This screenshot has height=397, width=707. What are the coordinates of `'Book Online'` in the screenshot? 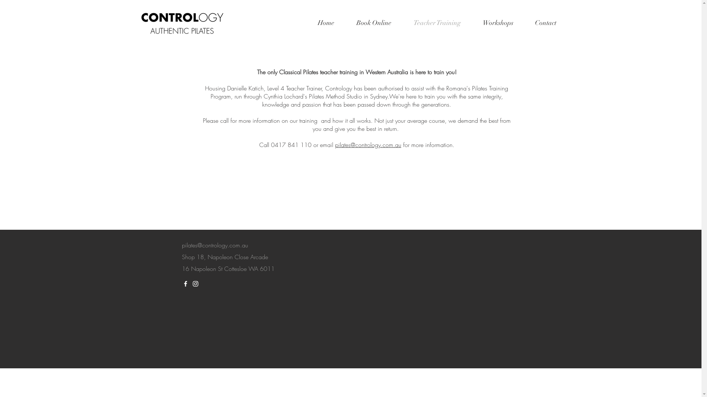 It's located at (374, 22).